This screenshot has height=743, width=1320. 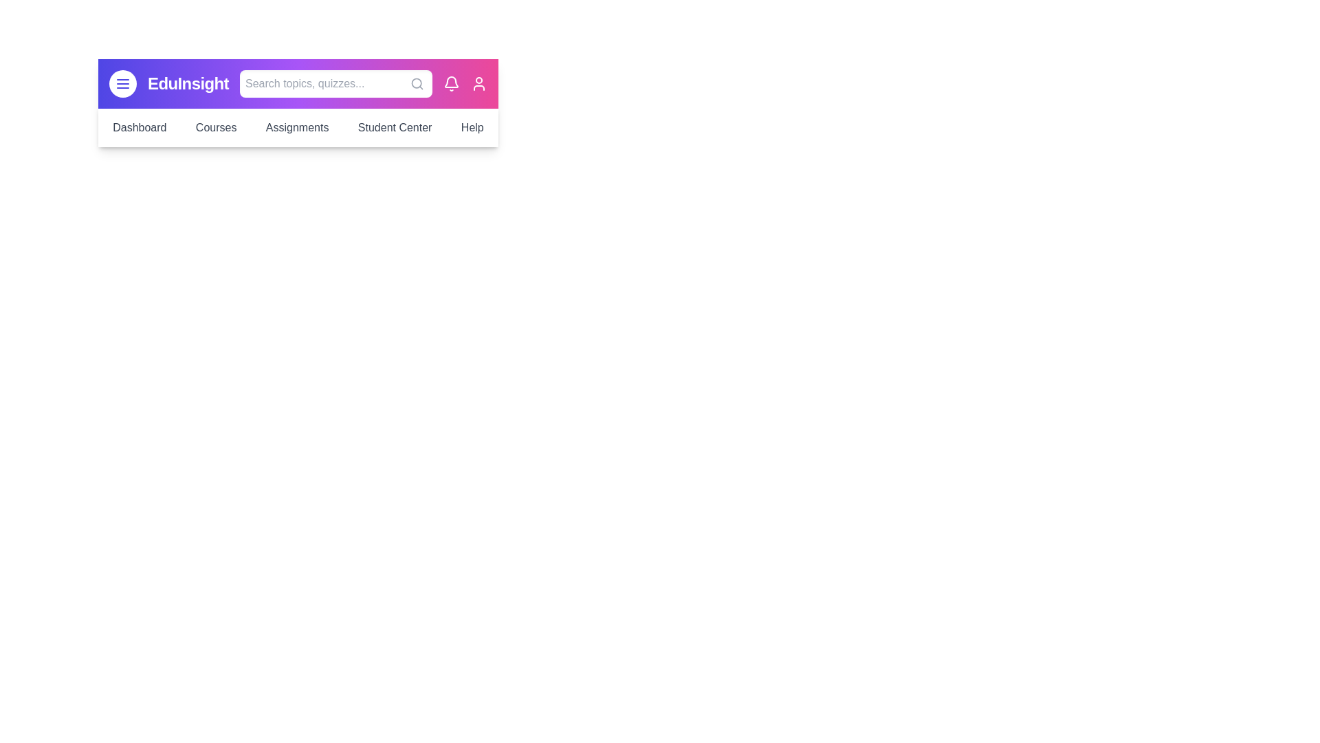 What do you see at coordinates (452, 84) in the screenshot?
I see `the bell icon to access notifications` at bounding box center [452, 84].